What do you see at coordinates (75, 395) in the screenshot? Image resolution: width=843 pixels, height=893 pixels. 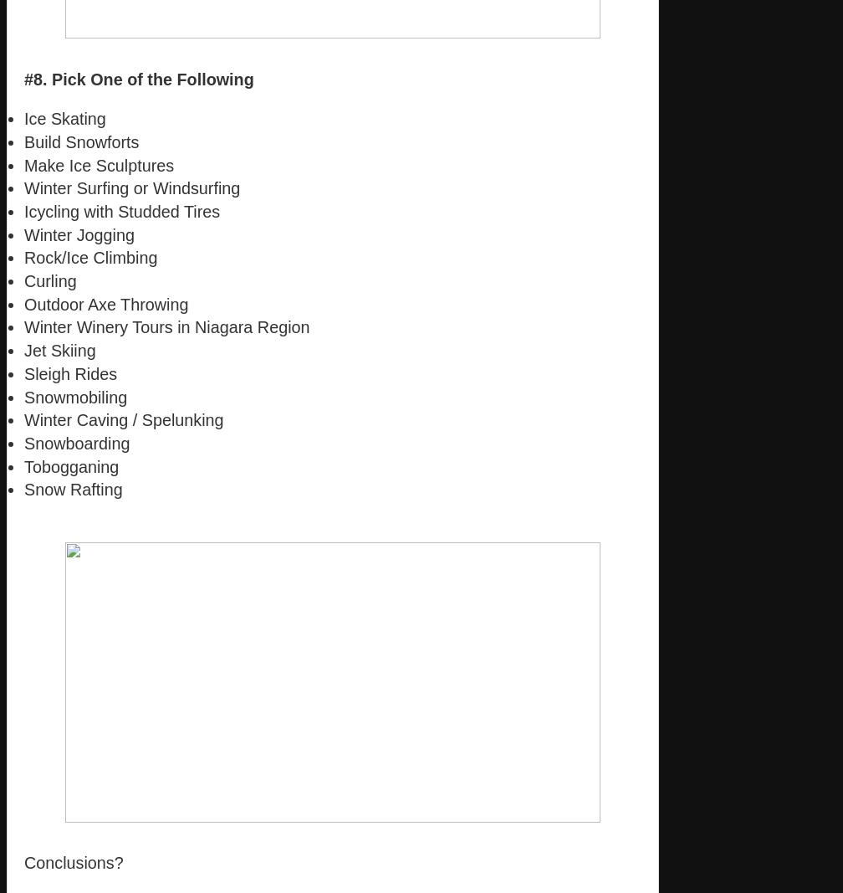 I see `'Snowmobiling'` at bounding box center [75, 395].